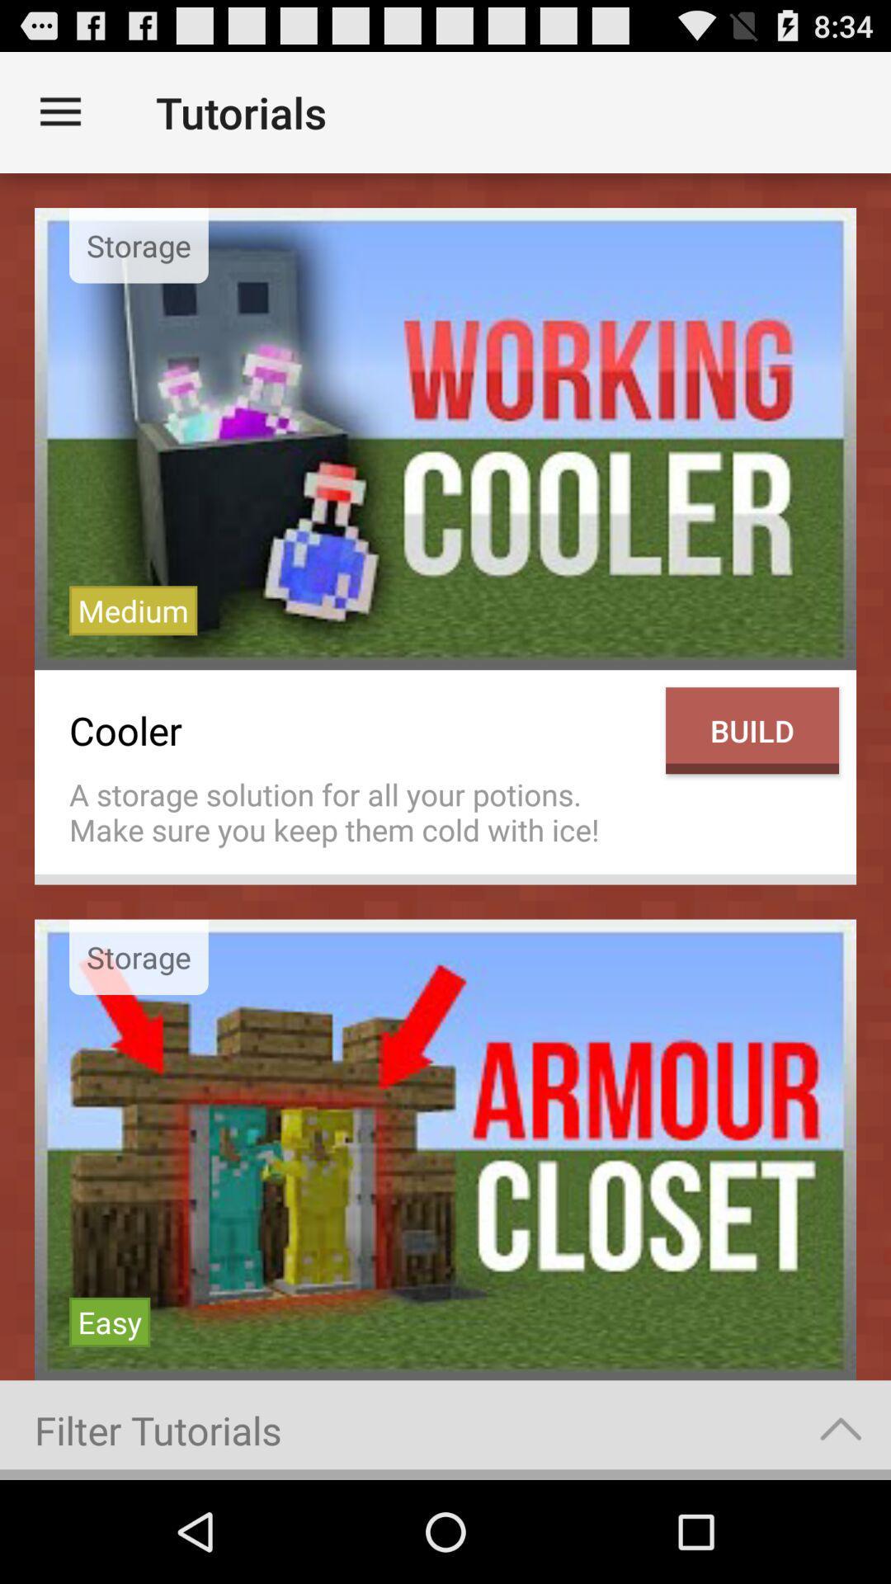 Image resolution: width=891 pixels, height=1584 pixels. I want to click on item next to tutorials item, so click(59, 111).